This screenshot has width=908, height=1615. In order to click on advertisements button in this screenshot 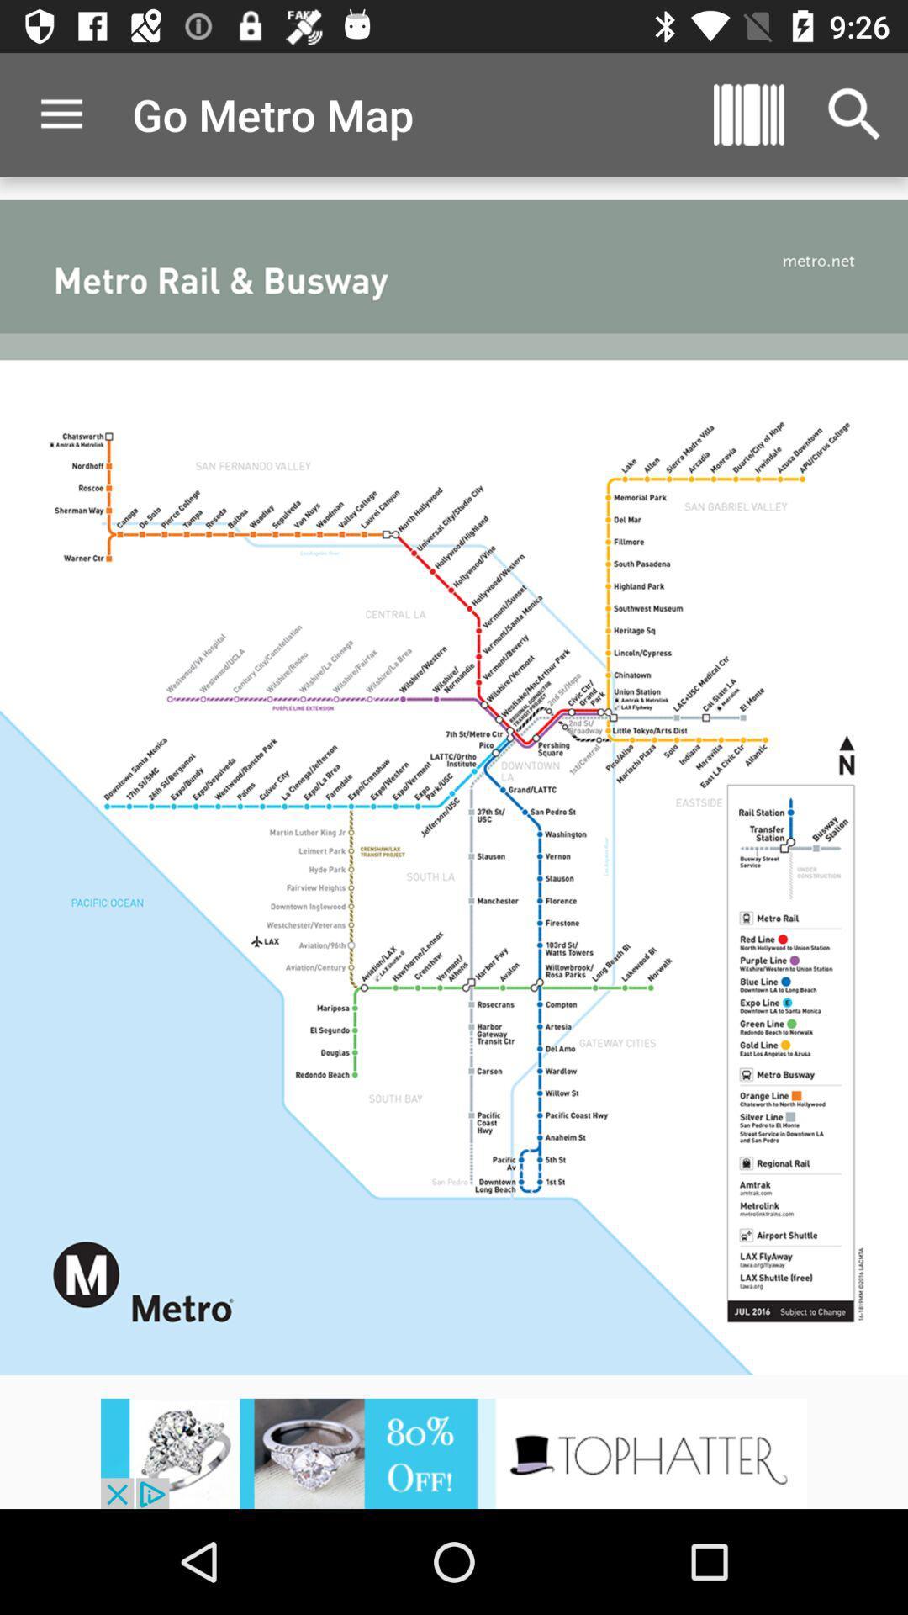, I will do `click(454, 1453)`.